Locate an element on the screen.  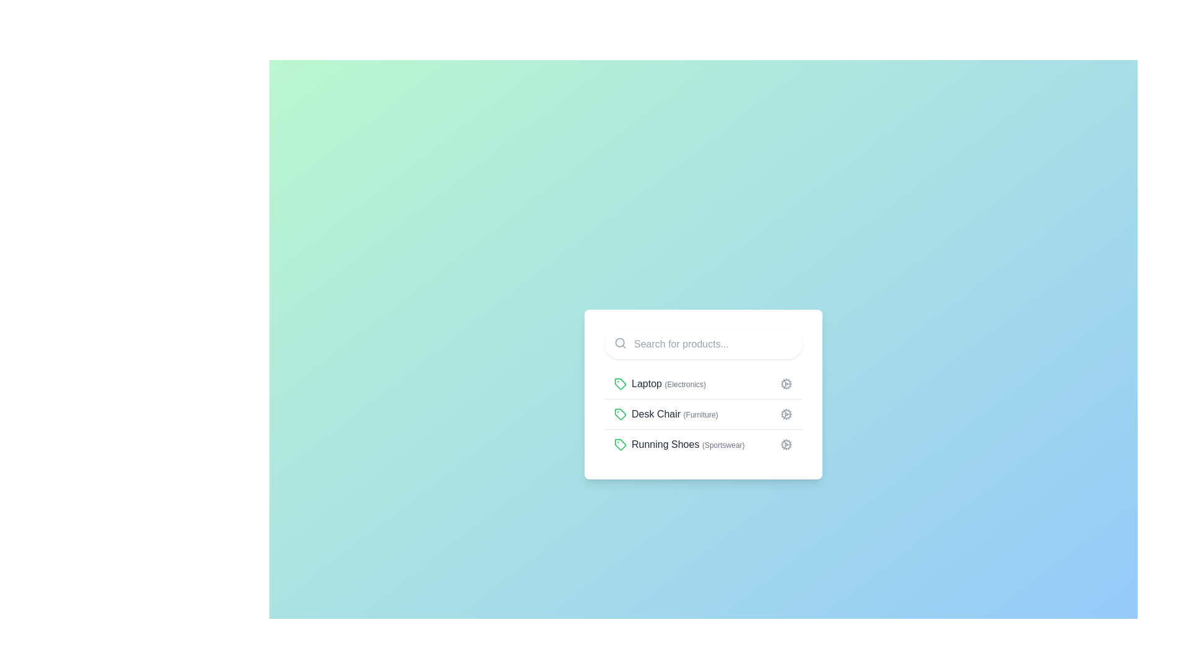
the outermost circular part of the cog-shaped icon located to the right of the 'Desk Chair (Furniture)' list item in the UI is located at coordinates (786, 414).